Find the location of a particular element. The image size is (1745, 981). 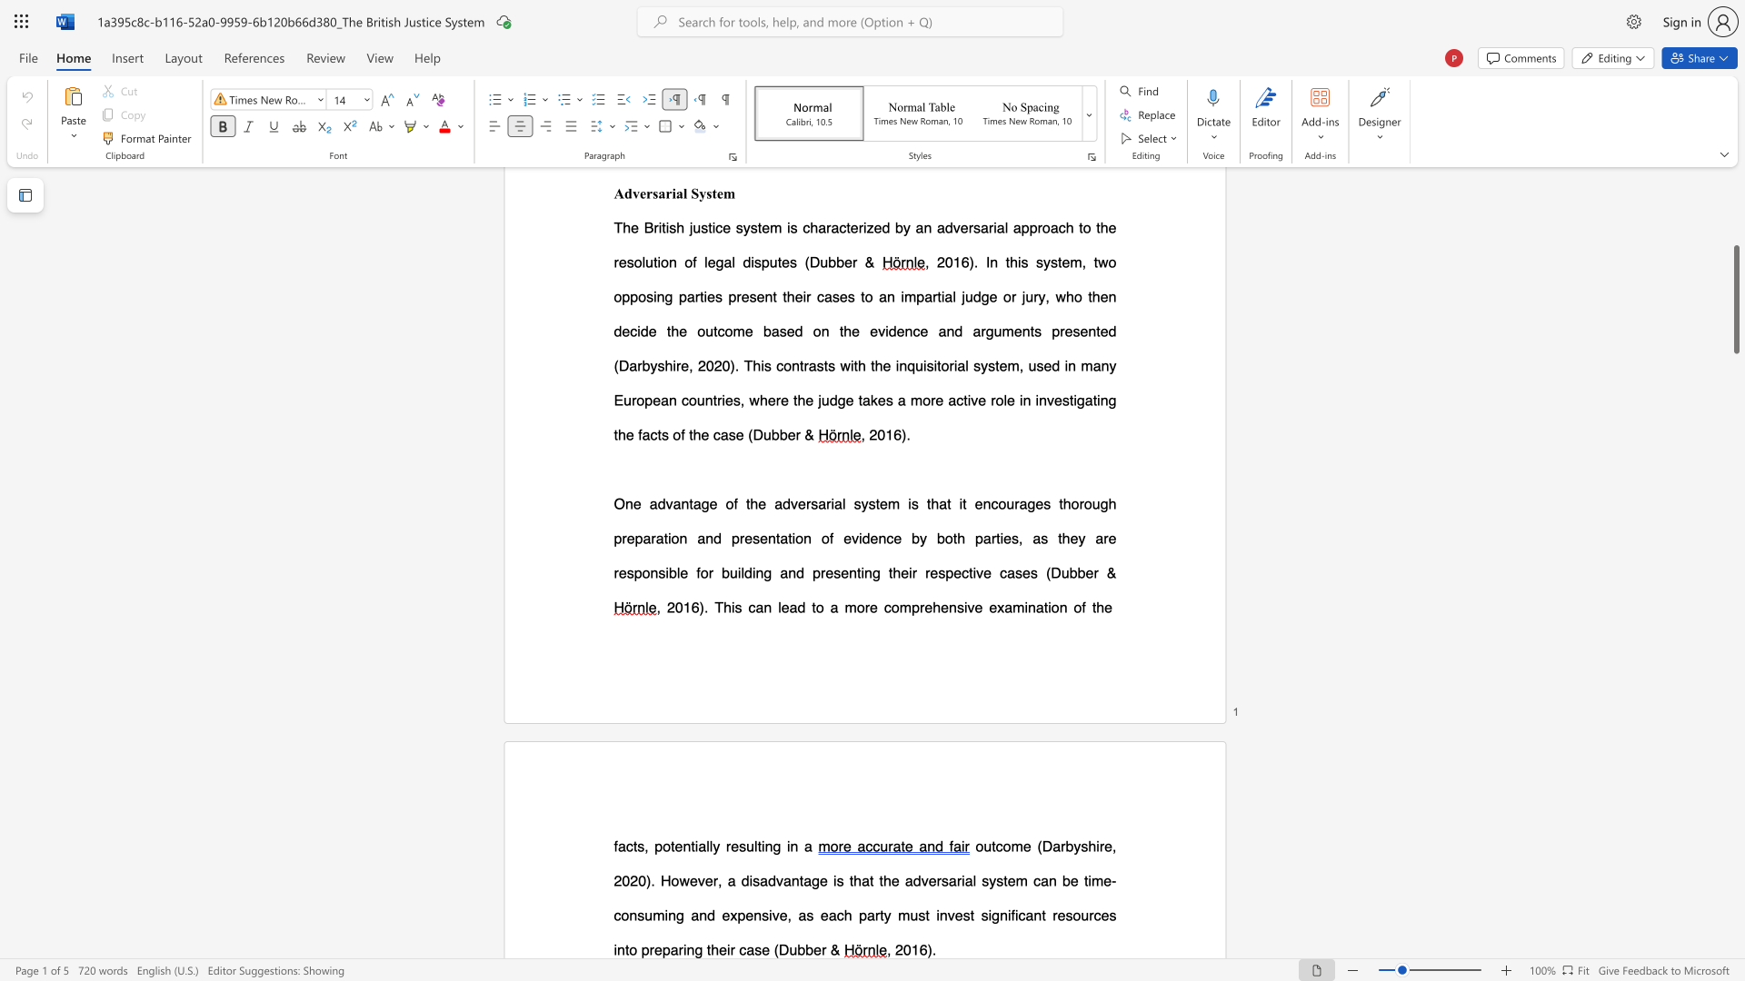

the subset text "cant resources into preparin" within the text "). However, a disadvantage is that the adversarial system can be time-consuming and expensive, as each party must invest significant resources into preparing their case" is located at coordinates (1018, 915).